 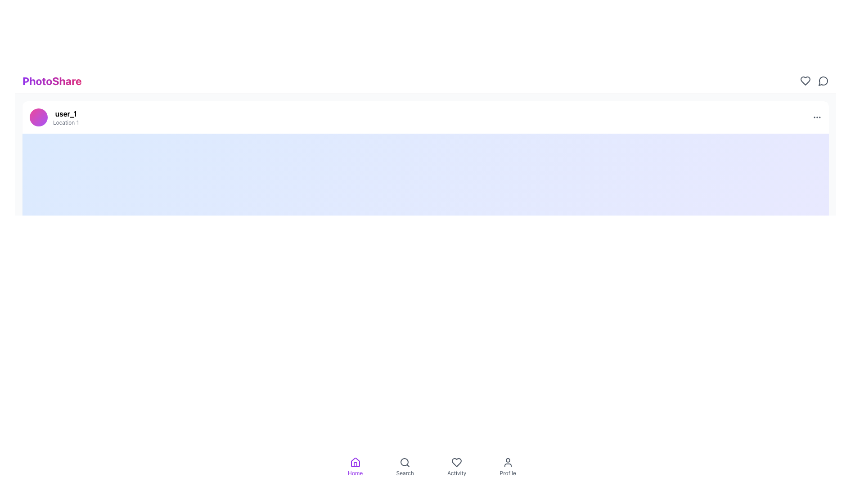 I want to click on the navigation button located in the bottom navigation bar that allows users, so click(x=457, y=466).